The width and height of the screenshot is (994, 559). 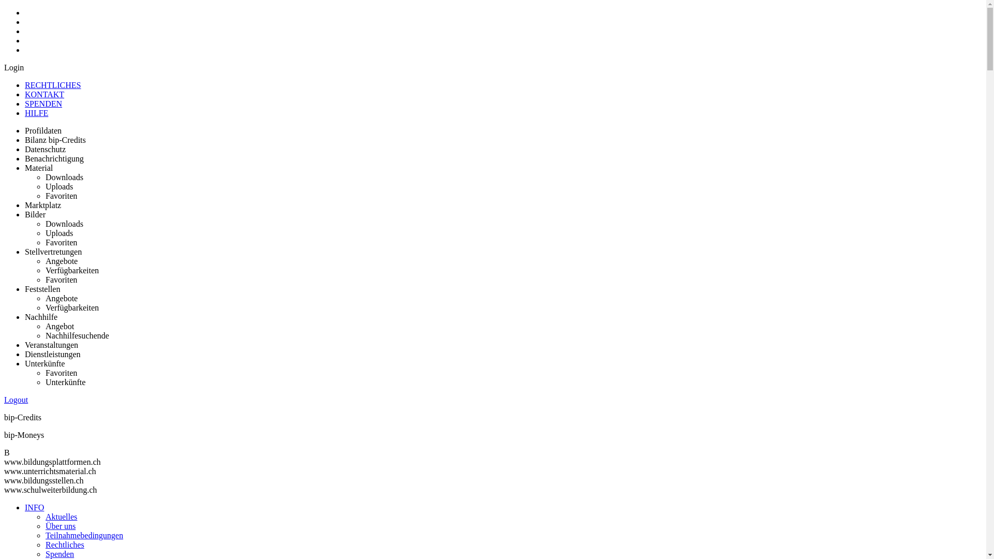 I want to click on 'Veranstaltungen', so click(x=51, y=345).